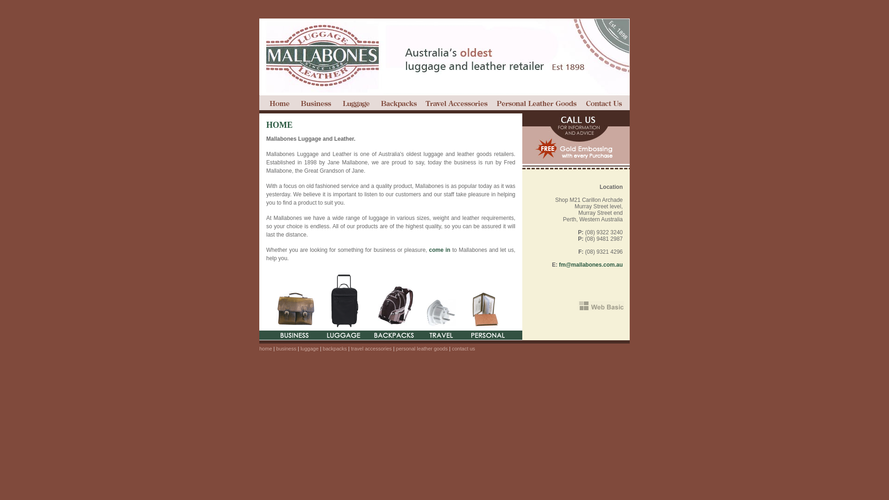 Image resolution: width=889 pixels, height=500 pixels. I want to click on 'luggage', so click(356, 104).